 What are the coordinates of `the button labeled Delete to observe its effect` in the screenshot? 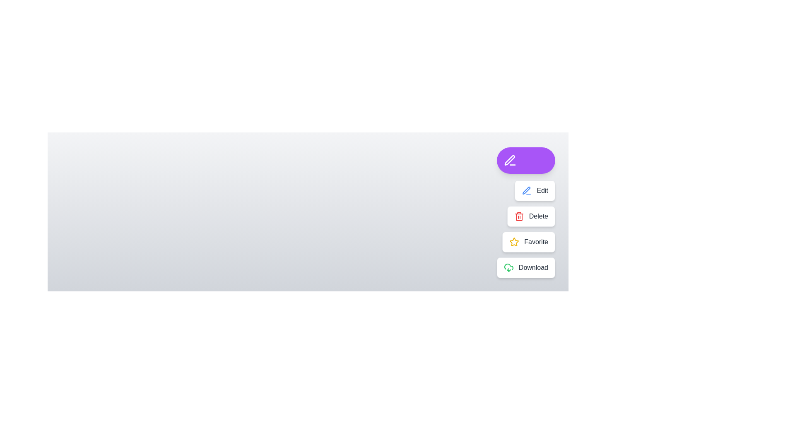 It's located at (530, 216).